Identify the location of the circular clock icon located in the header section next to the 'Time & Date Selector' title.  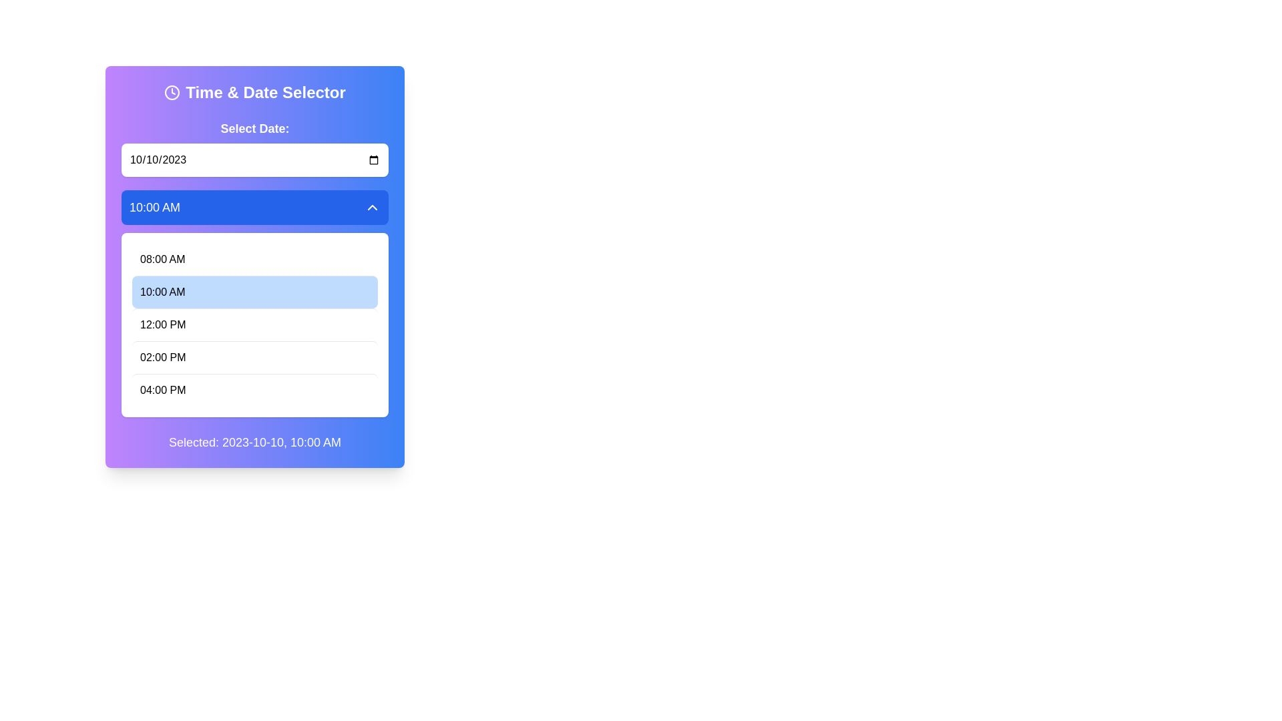
(172, 91).